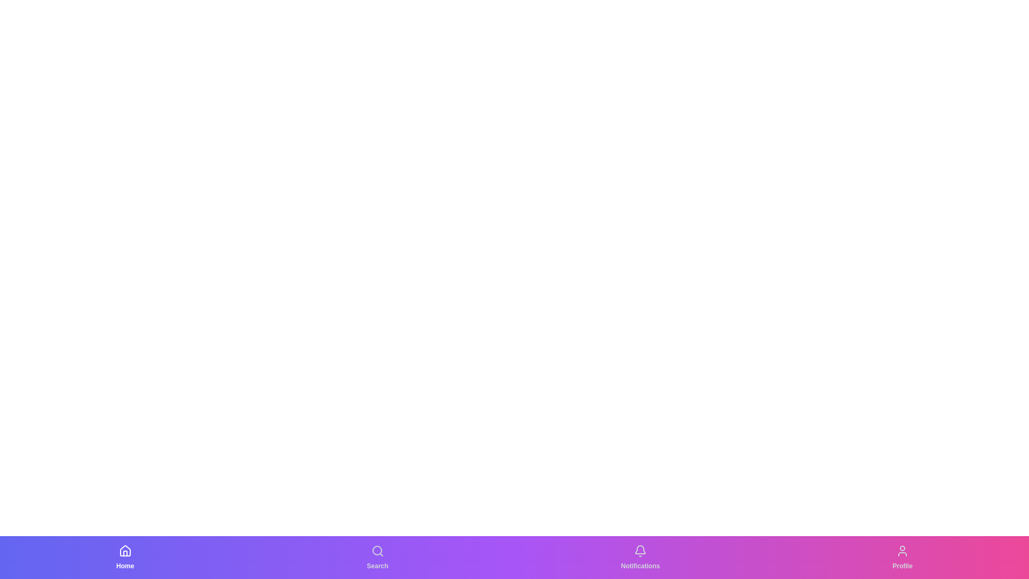 The height and width of the screenshot is (579, 1029). Describe the element at coordinates (902, 557) in the screenshot. I see `the Profile tab to navigate to its section` at that location.